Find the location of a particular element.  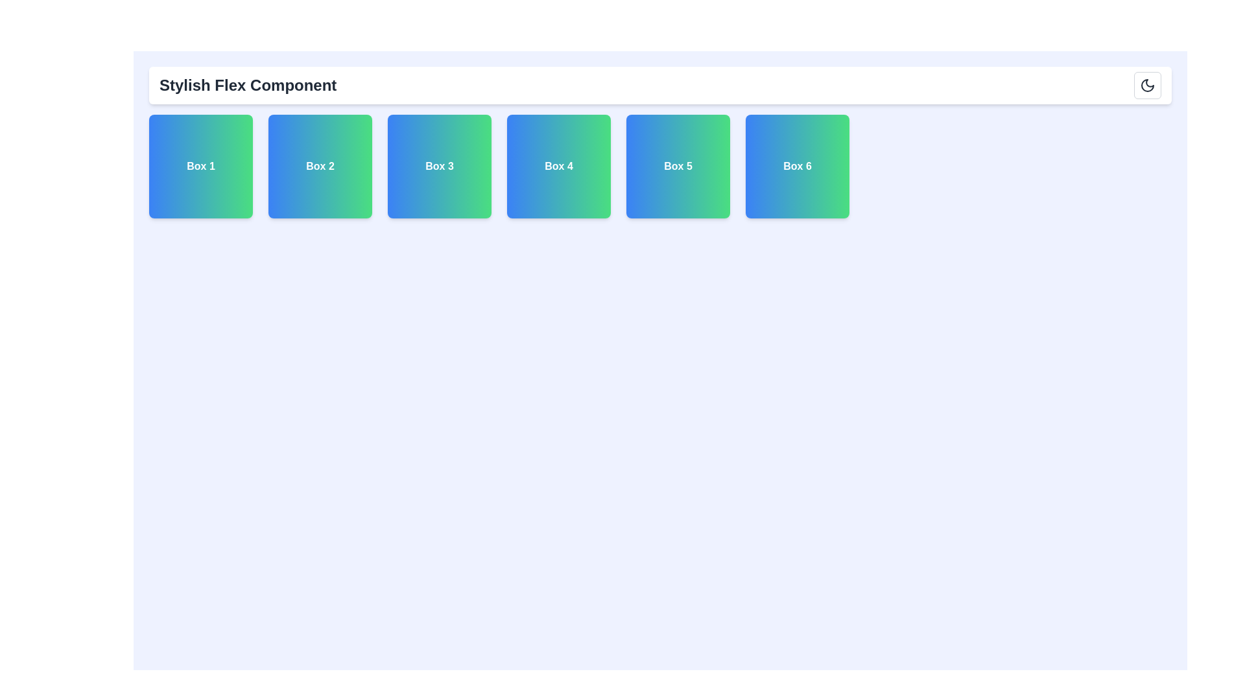

the sixth square visual box with a gradient background and text label, located in the top section of the interface is located at coordinates (796, 166).